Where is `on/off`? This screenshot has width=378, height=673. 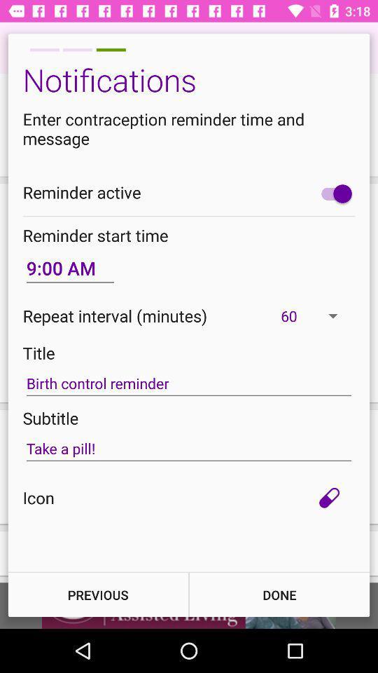
on/off is located at coordinates (332, 193).